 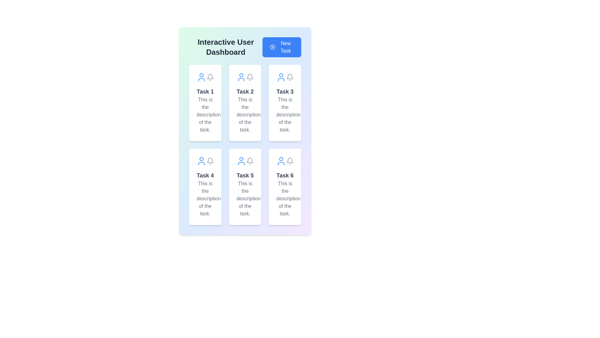 I want to click on the circular part of the user icon graphic within the third card in the top row of the dashboard grid, so click(x=281, y=75).